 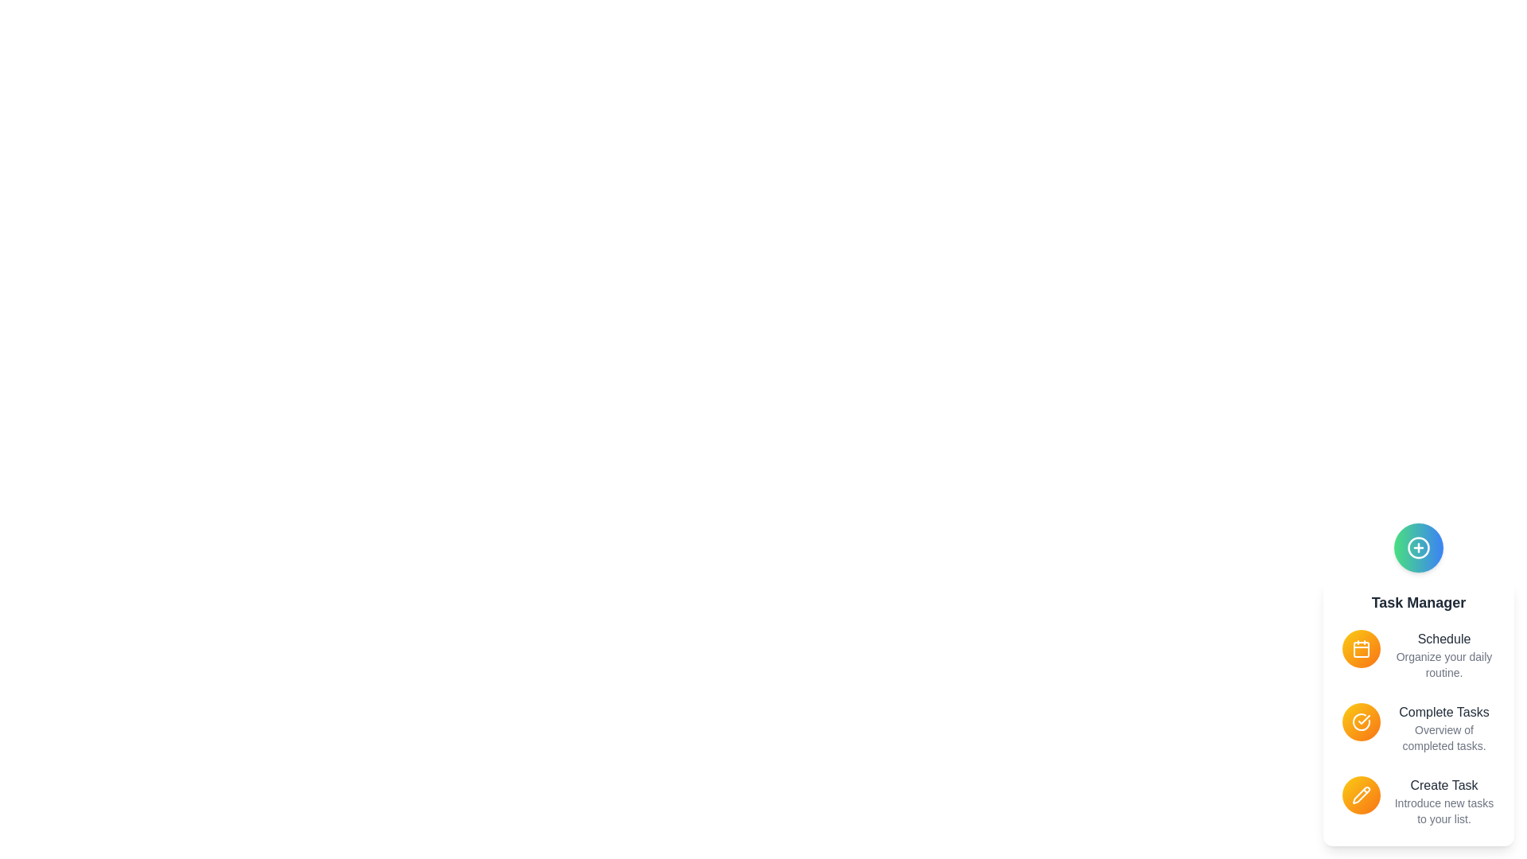 I want to click on the speed dial button to toggle the menu, so click(x=1419, y=547).